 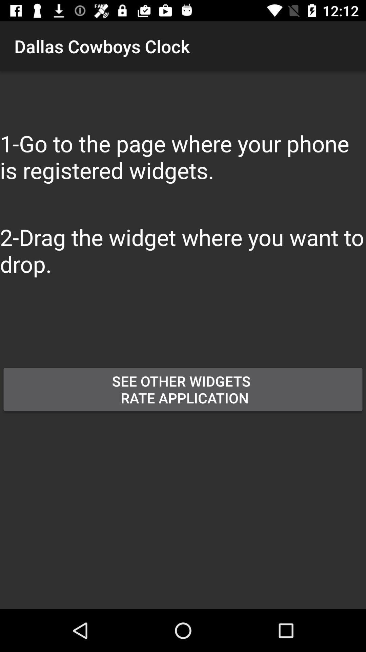 What do you see at coordinates (142, 340) in the screenshot?
I see `the icon below the 2 drag the icon` at bounding box center [142, 340].